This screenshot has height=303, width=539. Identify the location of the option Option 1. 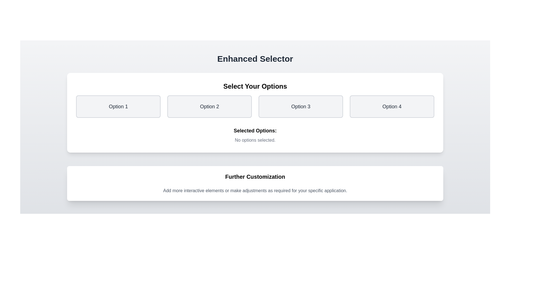
(118, 107).